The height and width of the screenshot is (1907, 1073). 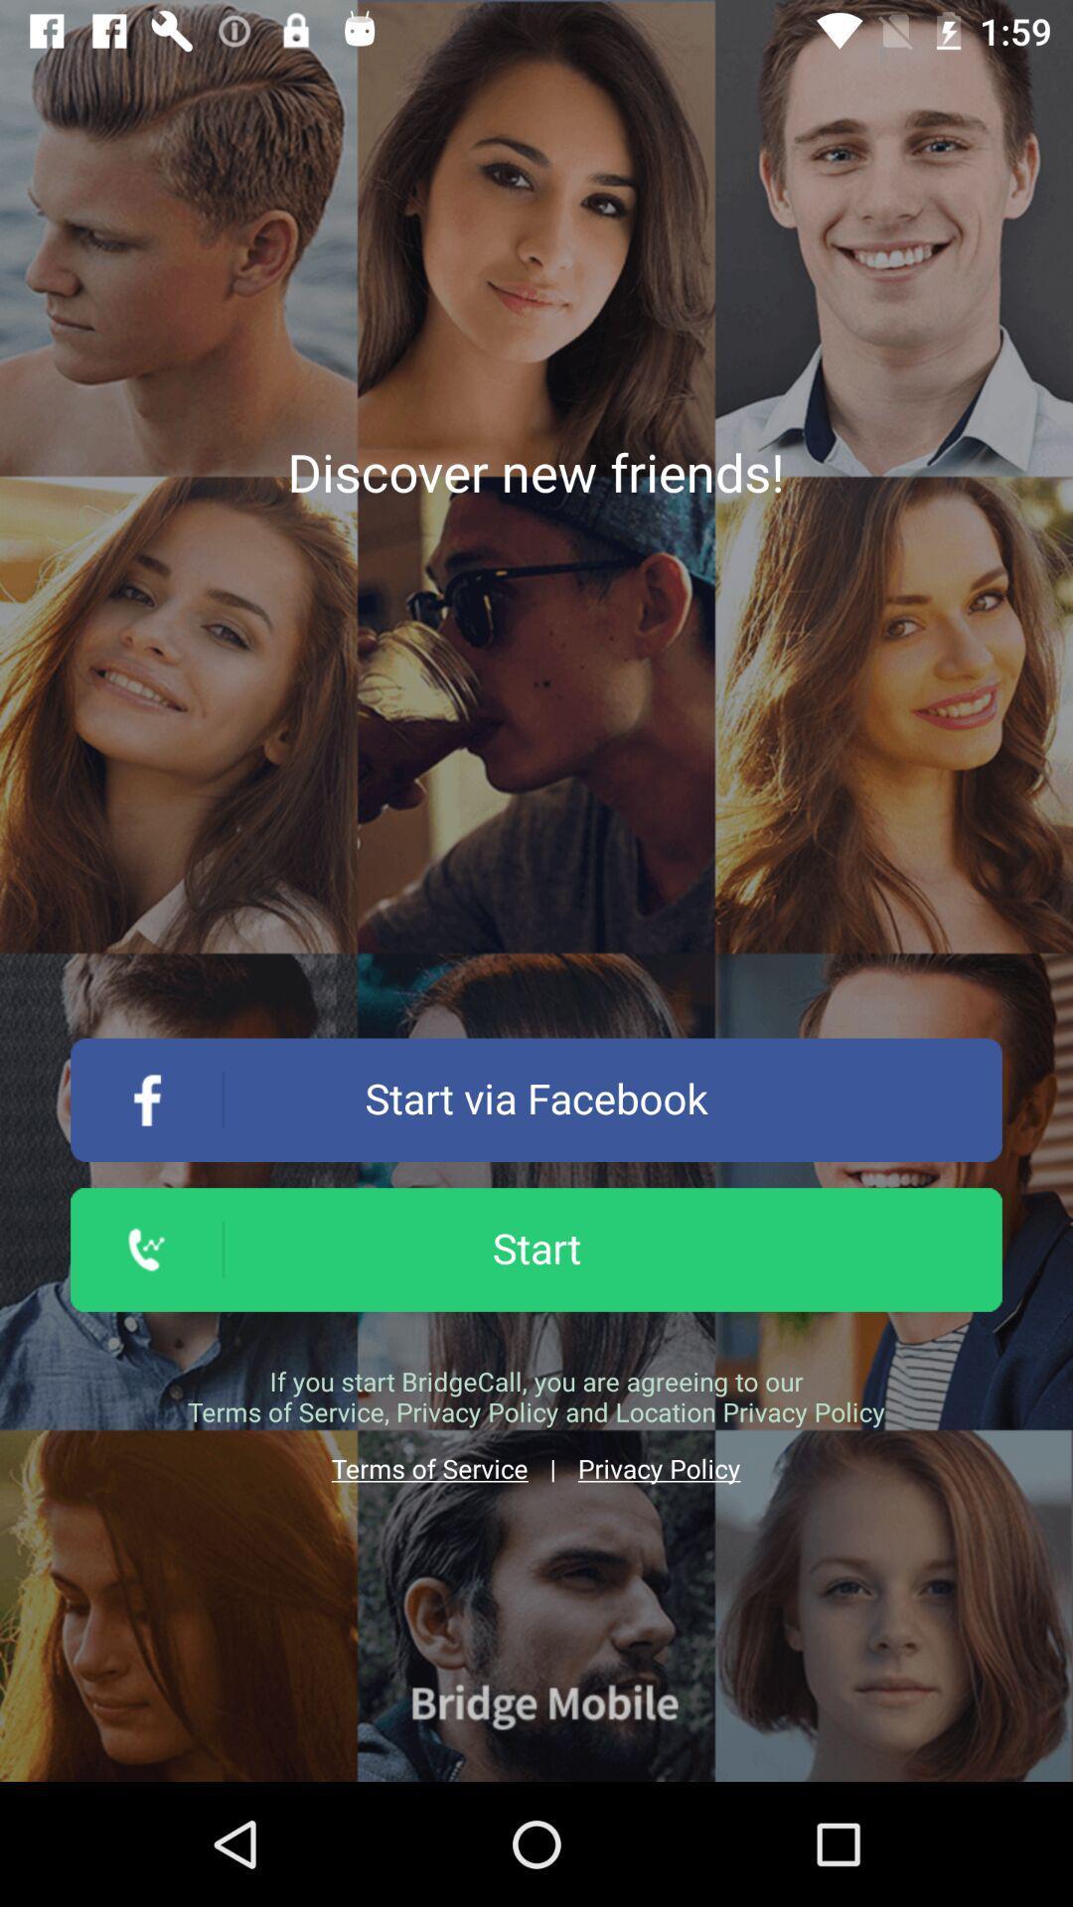 I want to click on app above the start via facebook, so click(x=535, y=471).